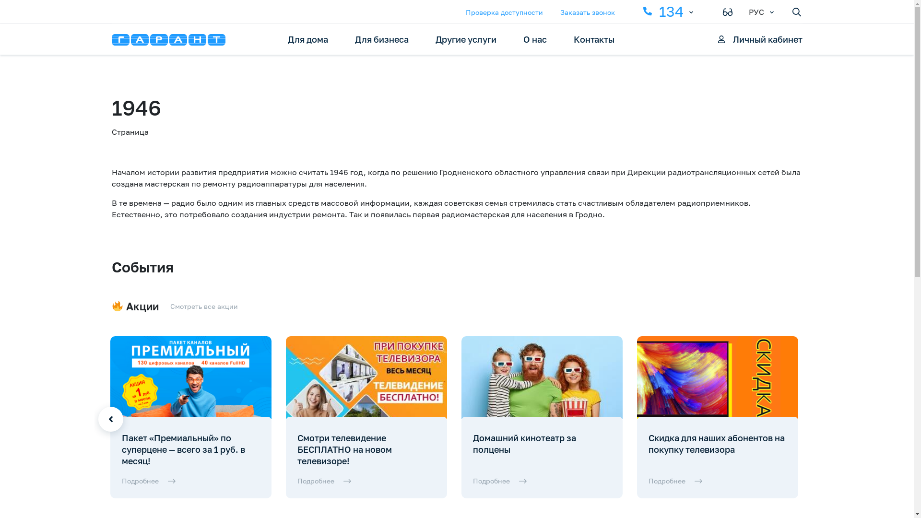  What do you see at coordinates (662, 11) in the screenshot?
I see `'134'` at bounding box center [662, 11].